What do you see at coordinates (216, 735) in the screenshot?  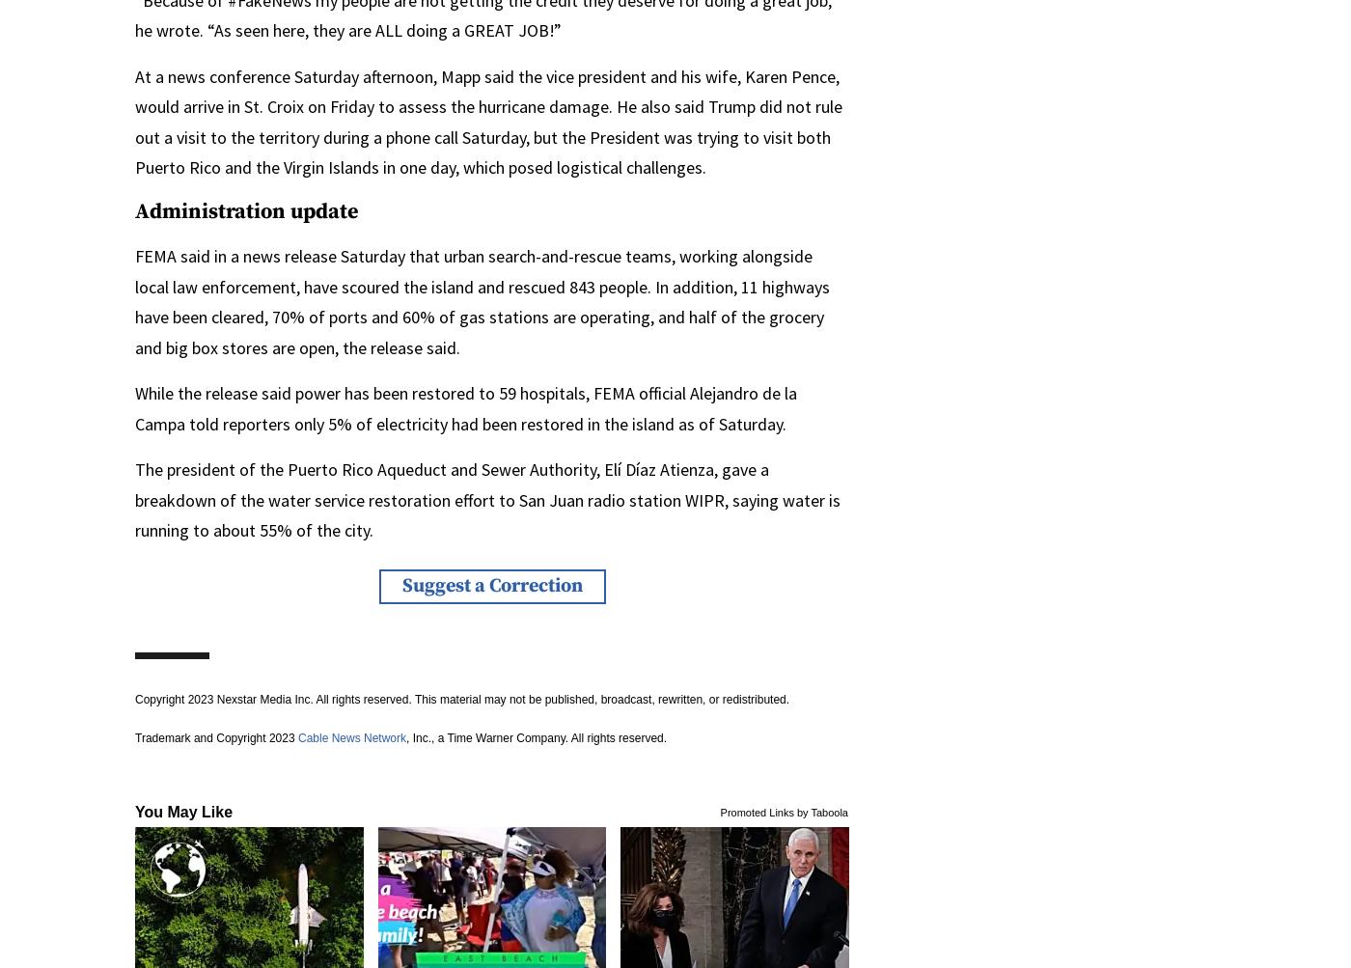 I see `'Trademark and Copyright 2023'` at bounding box center [216, 735].